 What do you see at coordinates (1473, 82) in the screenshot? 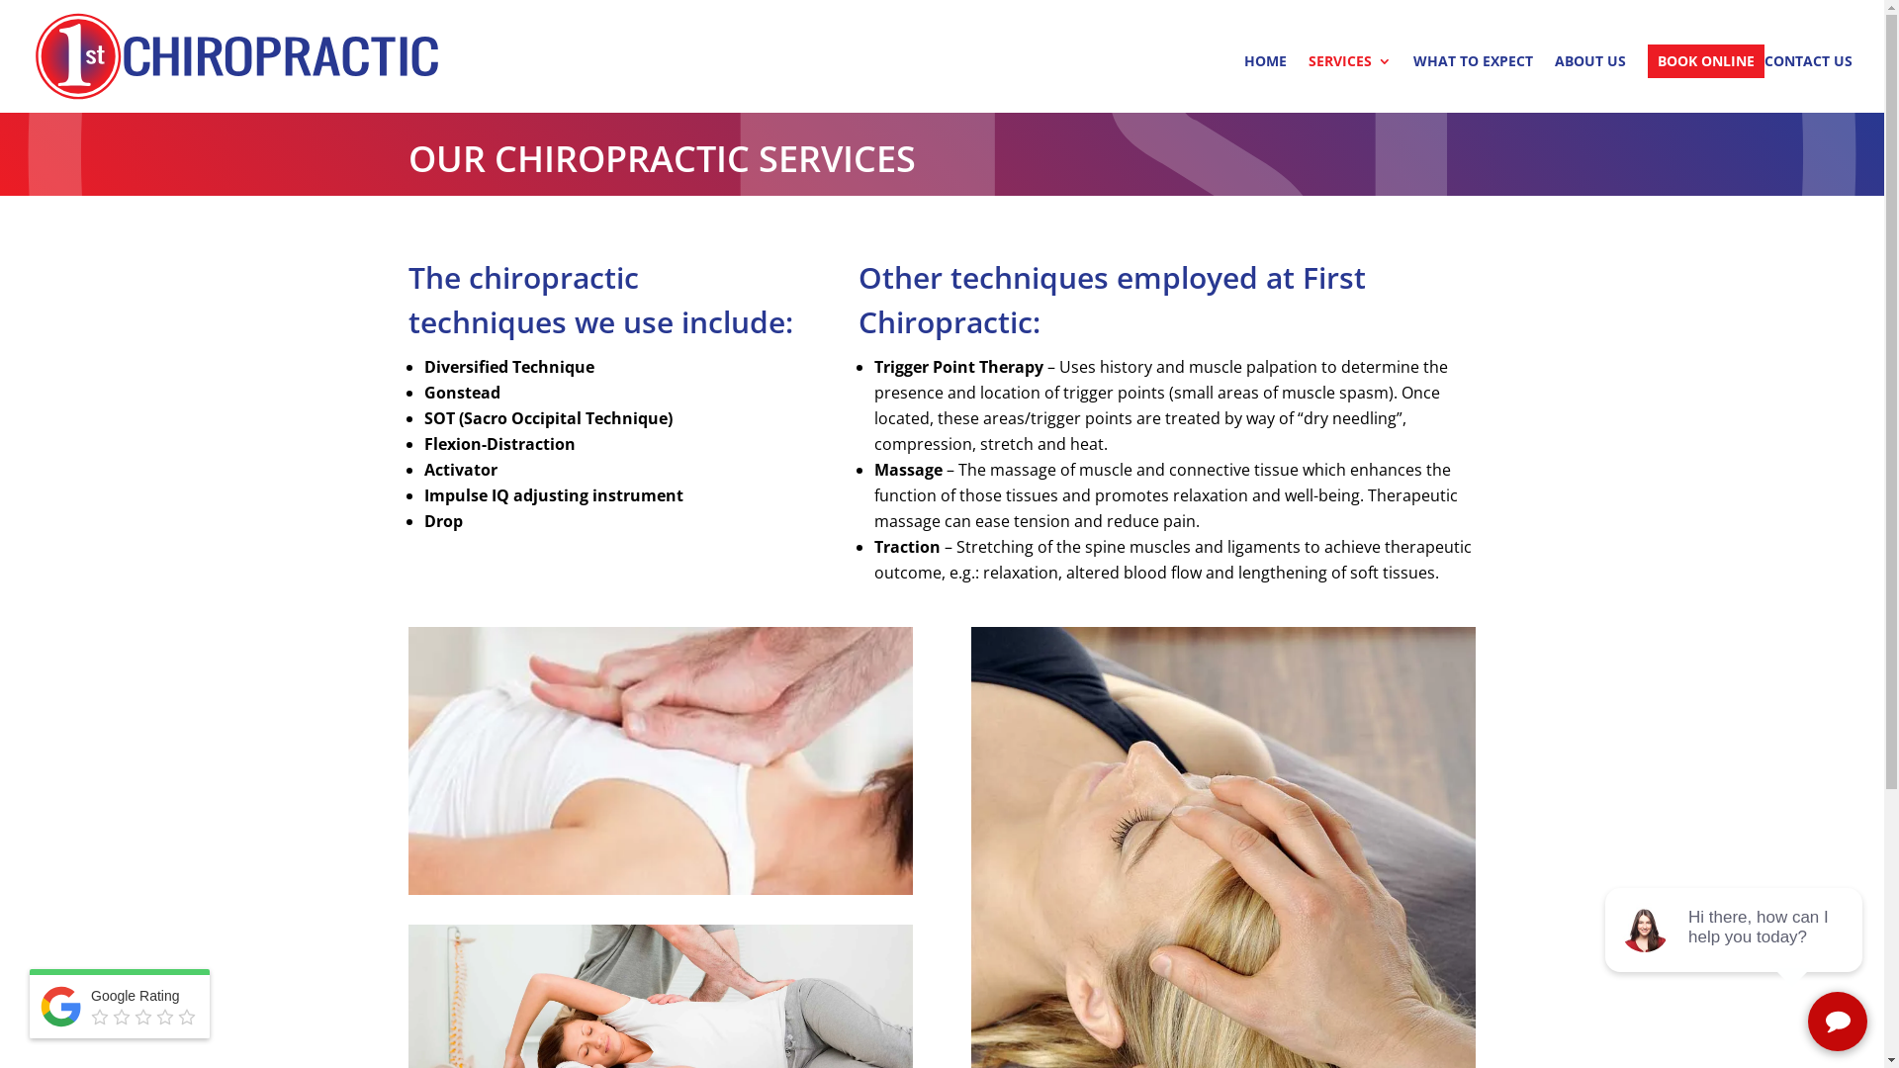
I see `'WHAT TO EXPECT'` at bounding box center [1473, 82].